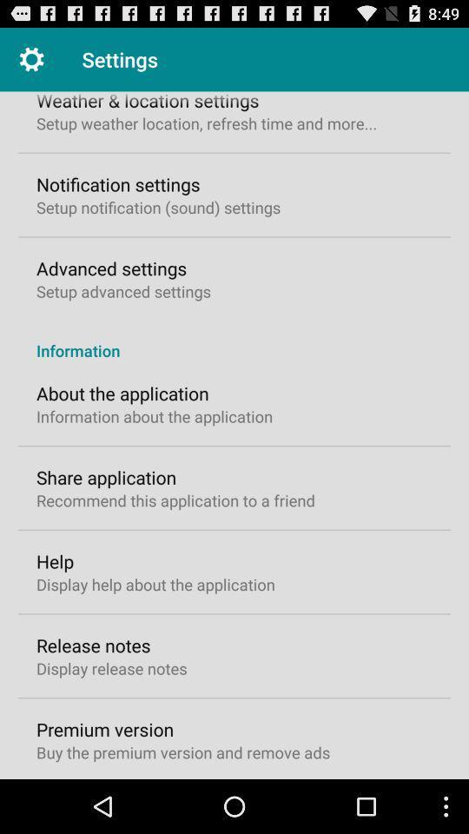  What do you see at coordinates (106, 477) in the screenshot?
I see `icon below the information about the icon` at bounding box center [106, 477].